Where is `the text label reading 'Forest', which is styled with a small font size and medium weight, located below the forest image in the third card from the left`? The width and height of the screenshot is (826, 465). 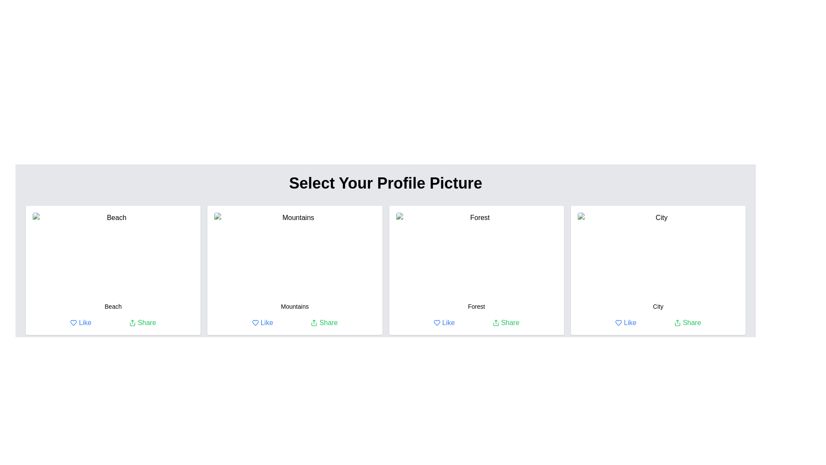
the text label reading 'Forest', which is styled with a small font size and medium weight, located below the forest image in the third card from the left is located at coordinates (476, 306).